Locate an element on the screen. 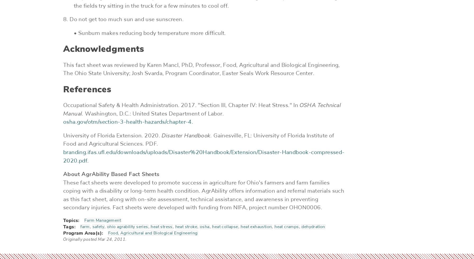 Image resolution: width=474 pixels, height=259 pixels. 'heat stroke' is located at coordinates (186, 226).